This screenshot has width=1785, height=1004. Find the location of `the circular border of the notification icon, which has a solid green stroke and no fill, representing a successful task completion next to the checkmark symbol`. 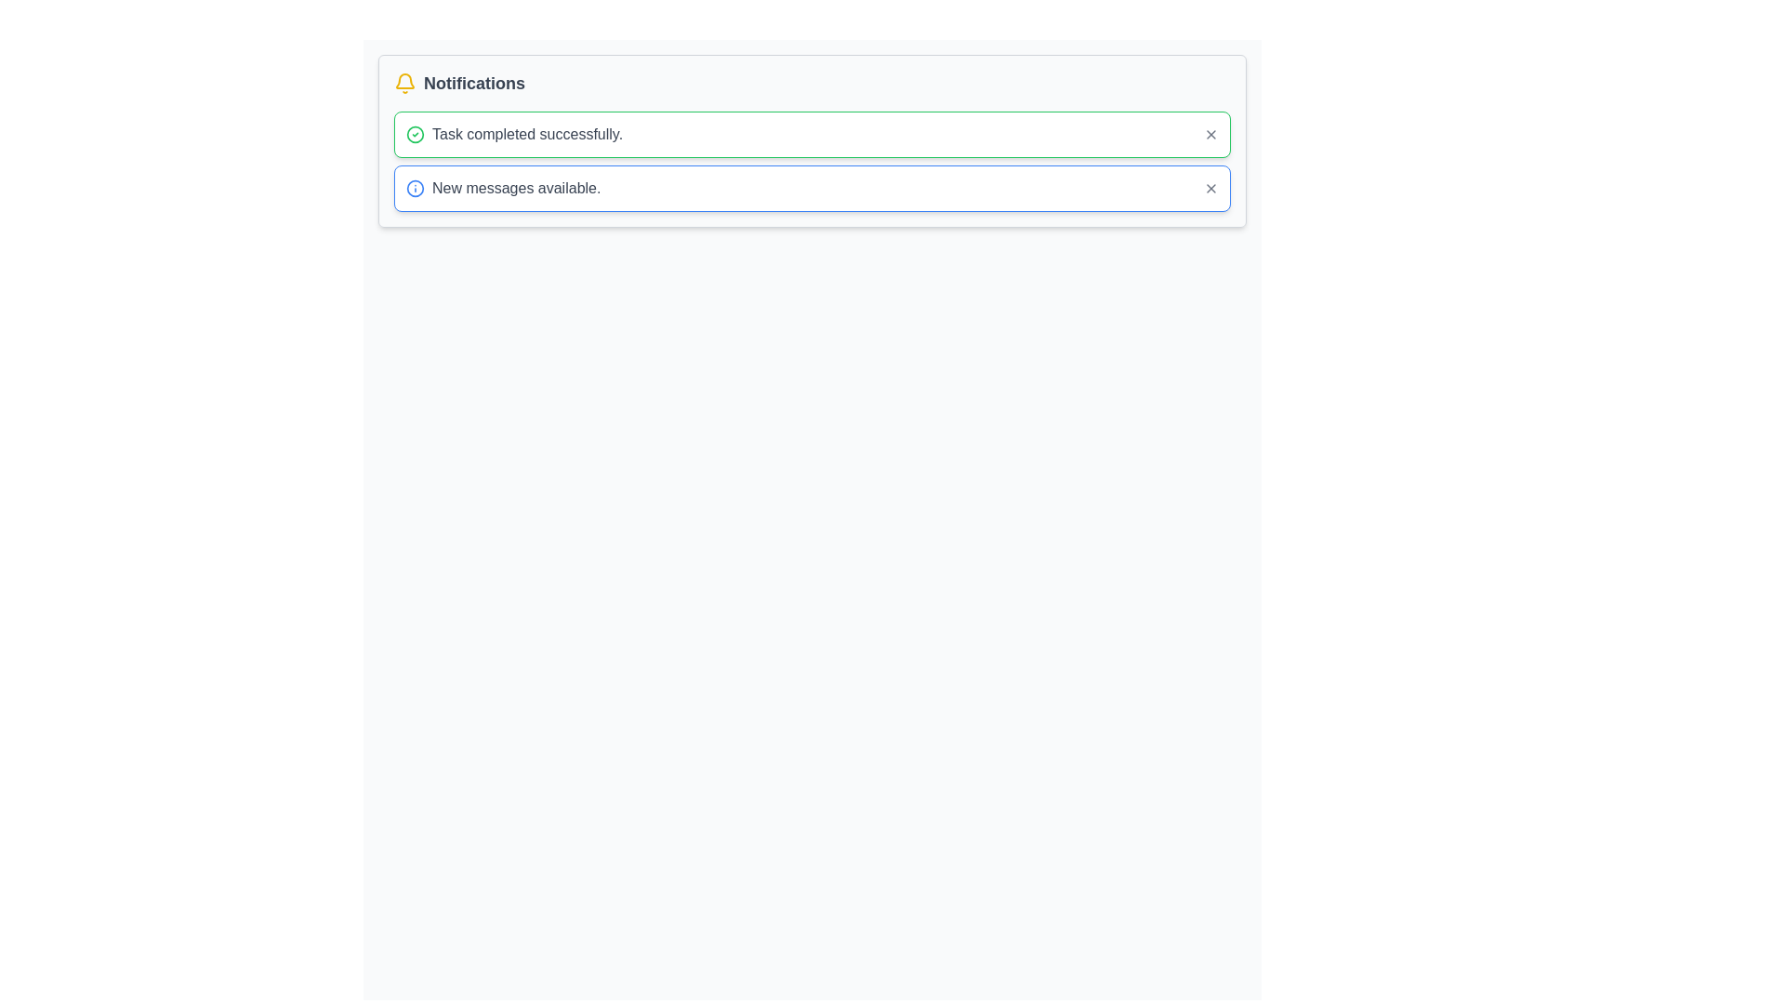

the circular border of the notification icon, which has a solid green stroke and no fill, representing a successful task completion next to the checkmark symbol is located at coordinates (414, 134).